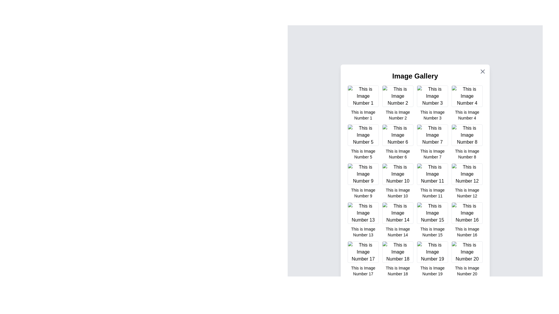  Describe the element at coordinates (482, 71) in the screenshot. I see `close button to close the dialog` at that location.